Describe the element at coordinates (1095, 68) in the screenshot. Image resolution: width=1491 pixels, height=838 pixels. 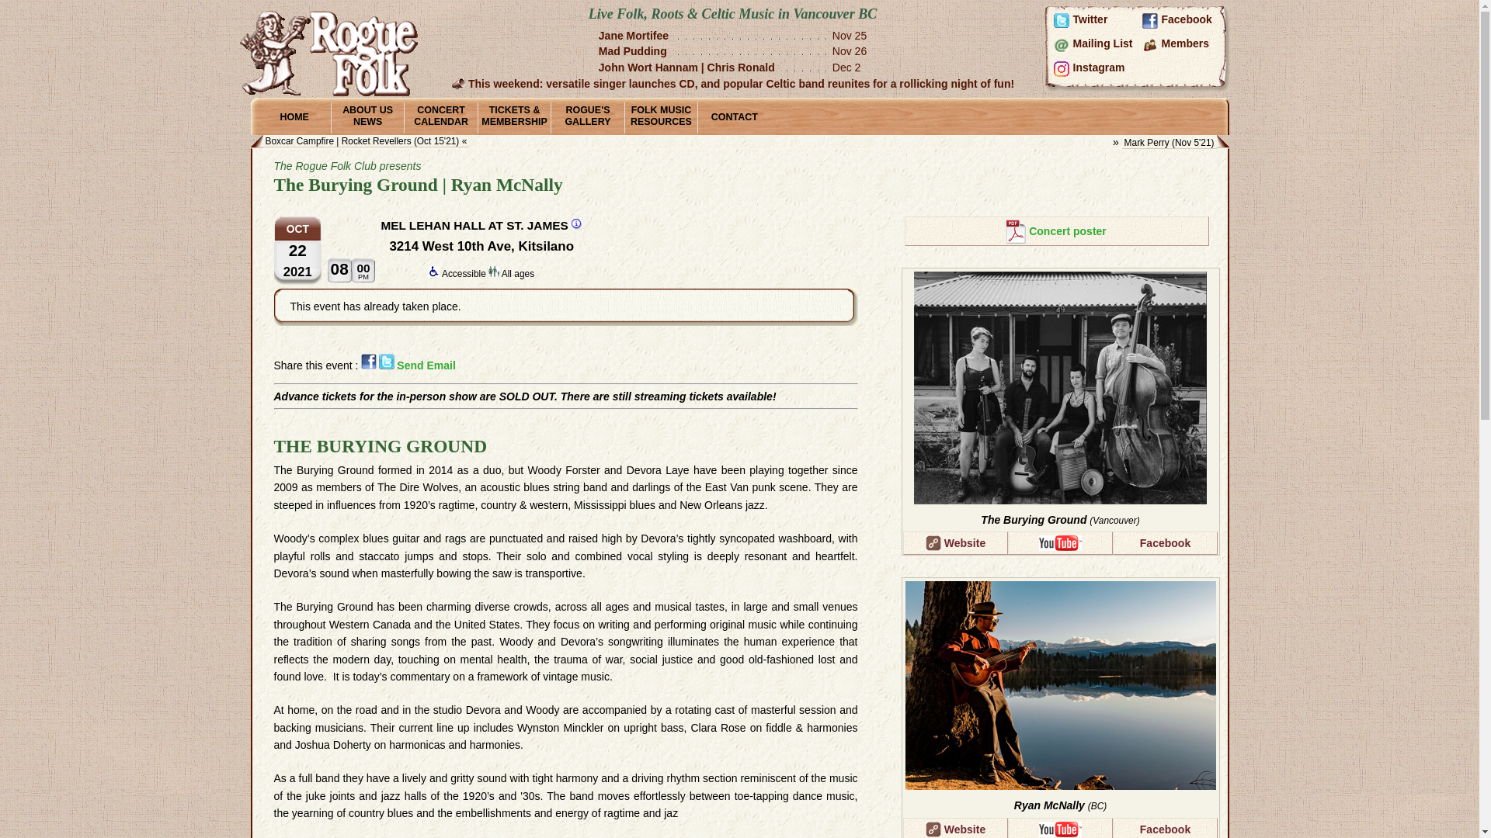
I see `'Instagram'` at that location.